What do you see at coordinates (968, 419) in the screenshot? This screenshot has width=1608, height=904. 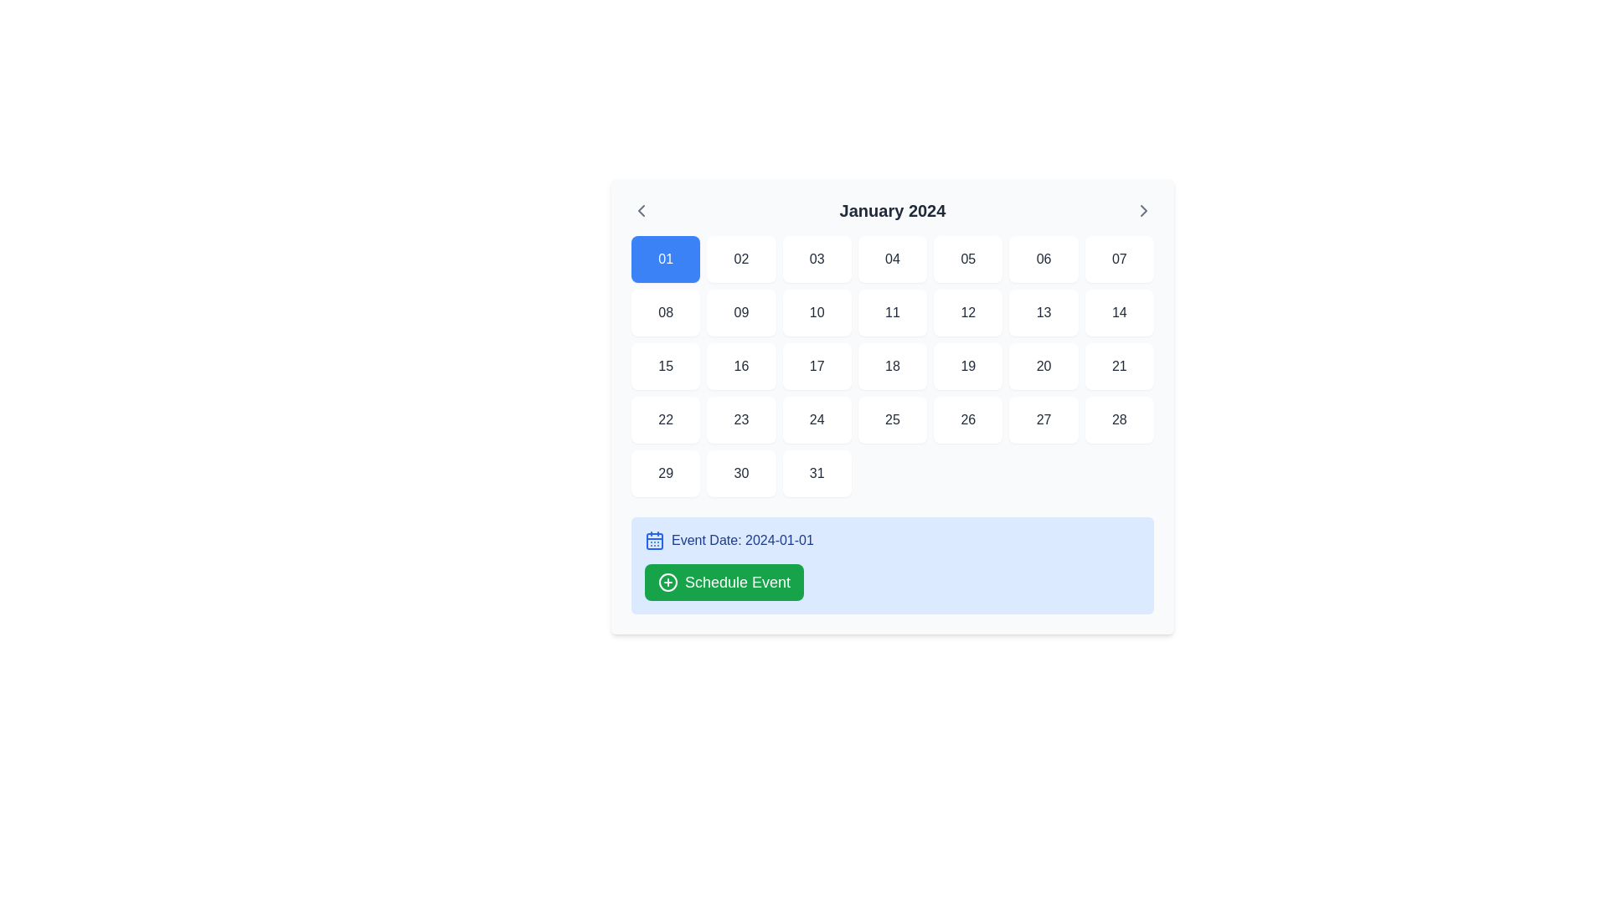 I see `the selectable day button representing the 26th of the month in the calendar interface to observe potential hover effects` at bounding box center [968, 419].